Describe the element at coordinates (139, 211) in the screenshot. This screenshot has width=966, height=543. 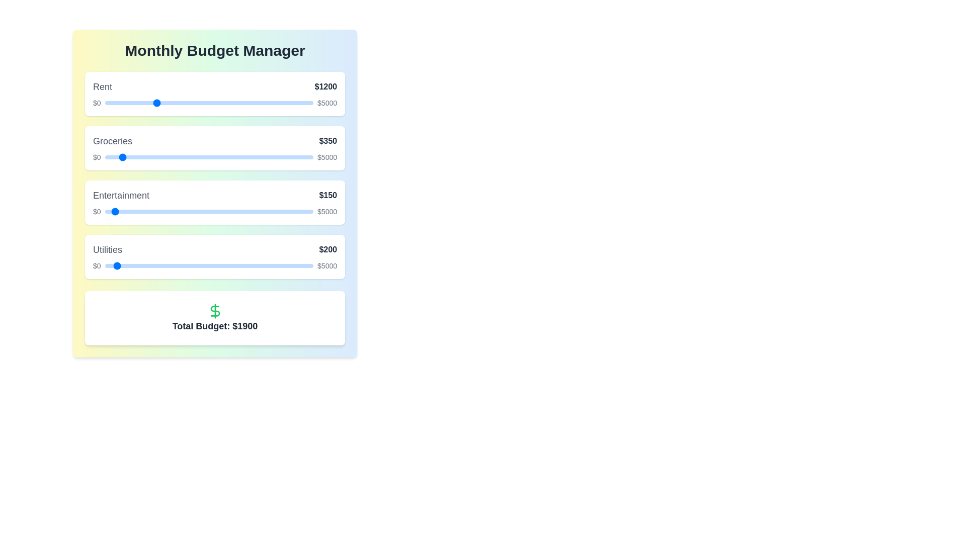
I see `the Entertainment budget` at that location.